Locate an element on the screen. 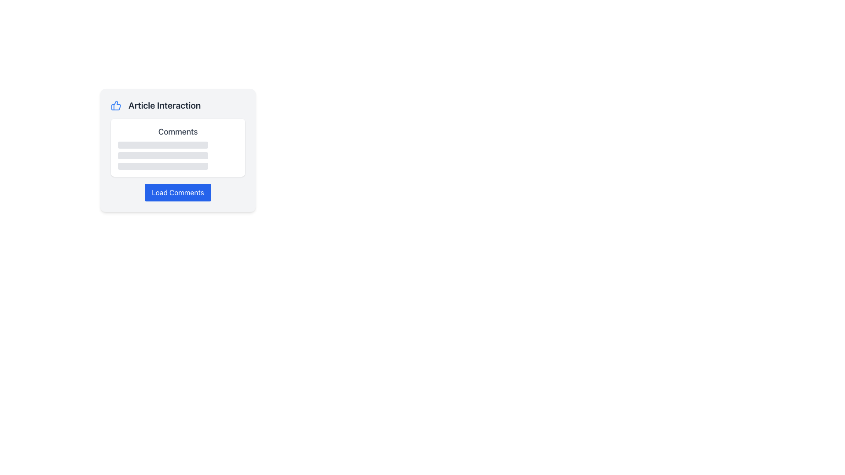 The height and width of the screenshot is (475, 845). the rectangular button with rounded edges that has a blue background and white text displaying 'Load Comments' is located at coordinates (177, 192).